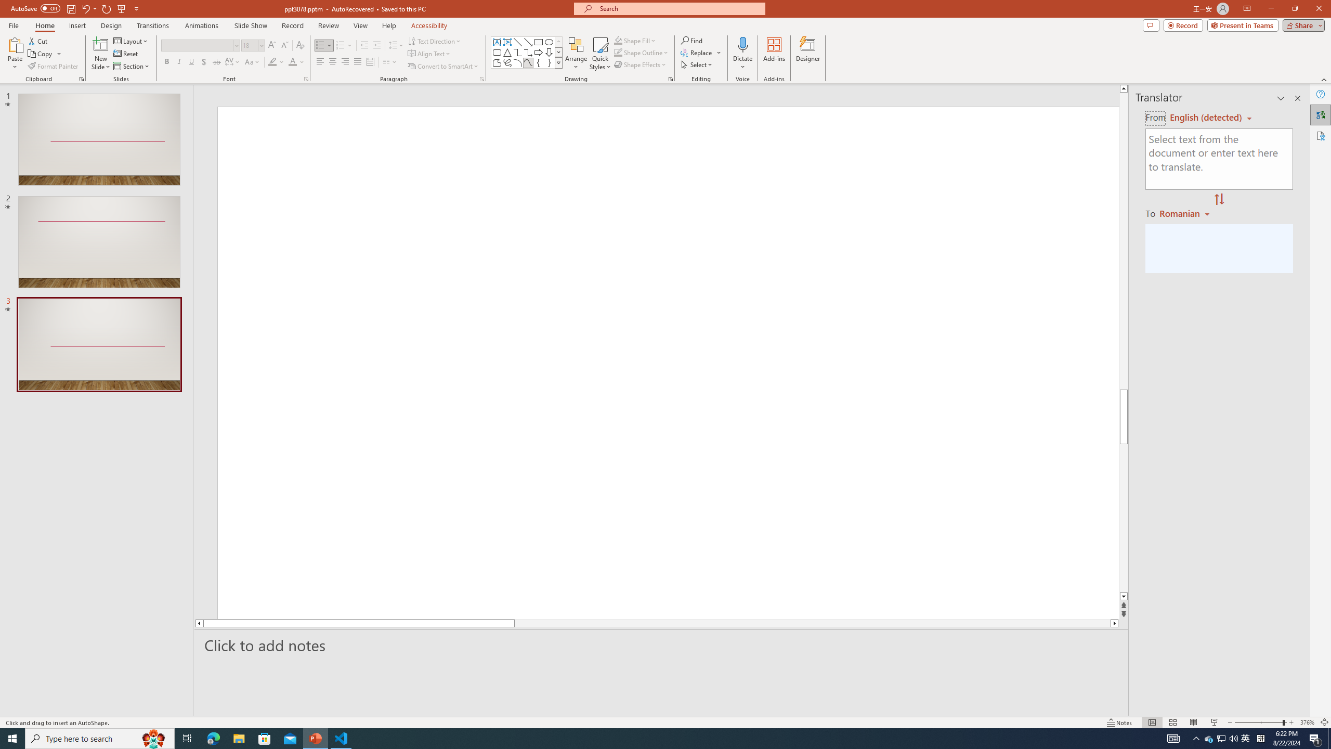 This screenshot has width=1331, height=749. Describe the element at coordinates (1185, 213) in the screenshot. I see `'Romanian'` at that location.